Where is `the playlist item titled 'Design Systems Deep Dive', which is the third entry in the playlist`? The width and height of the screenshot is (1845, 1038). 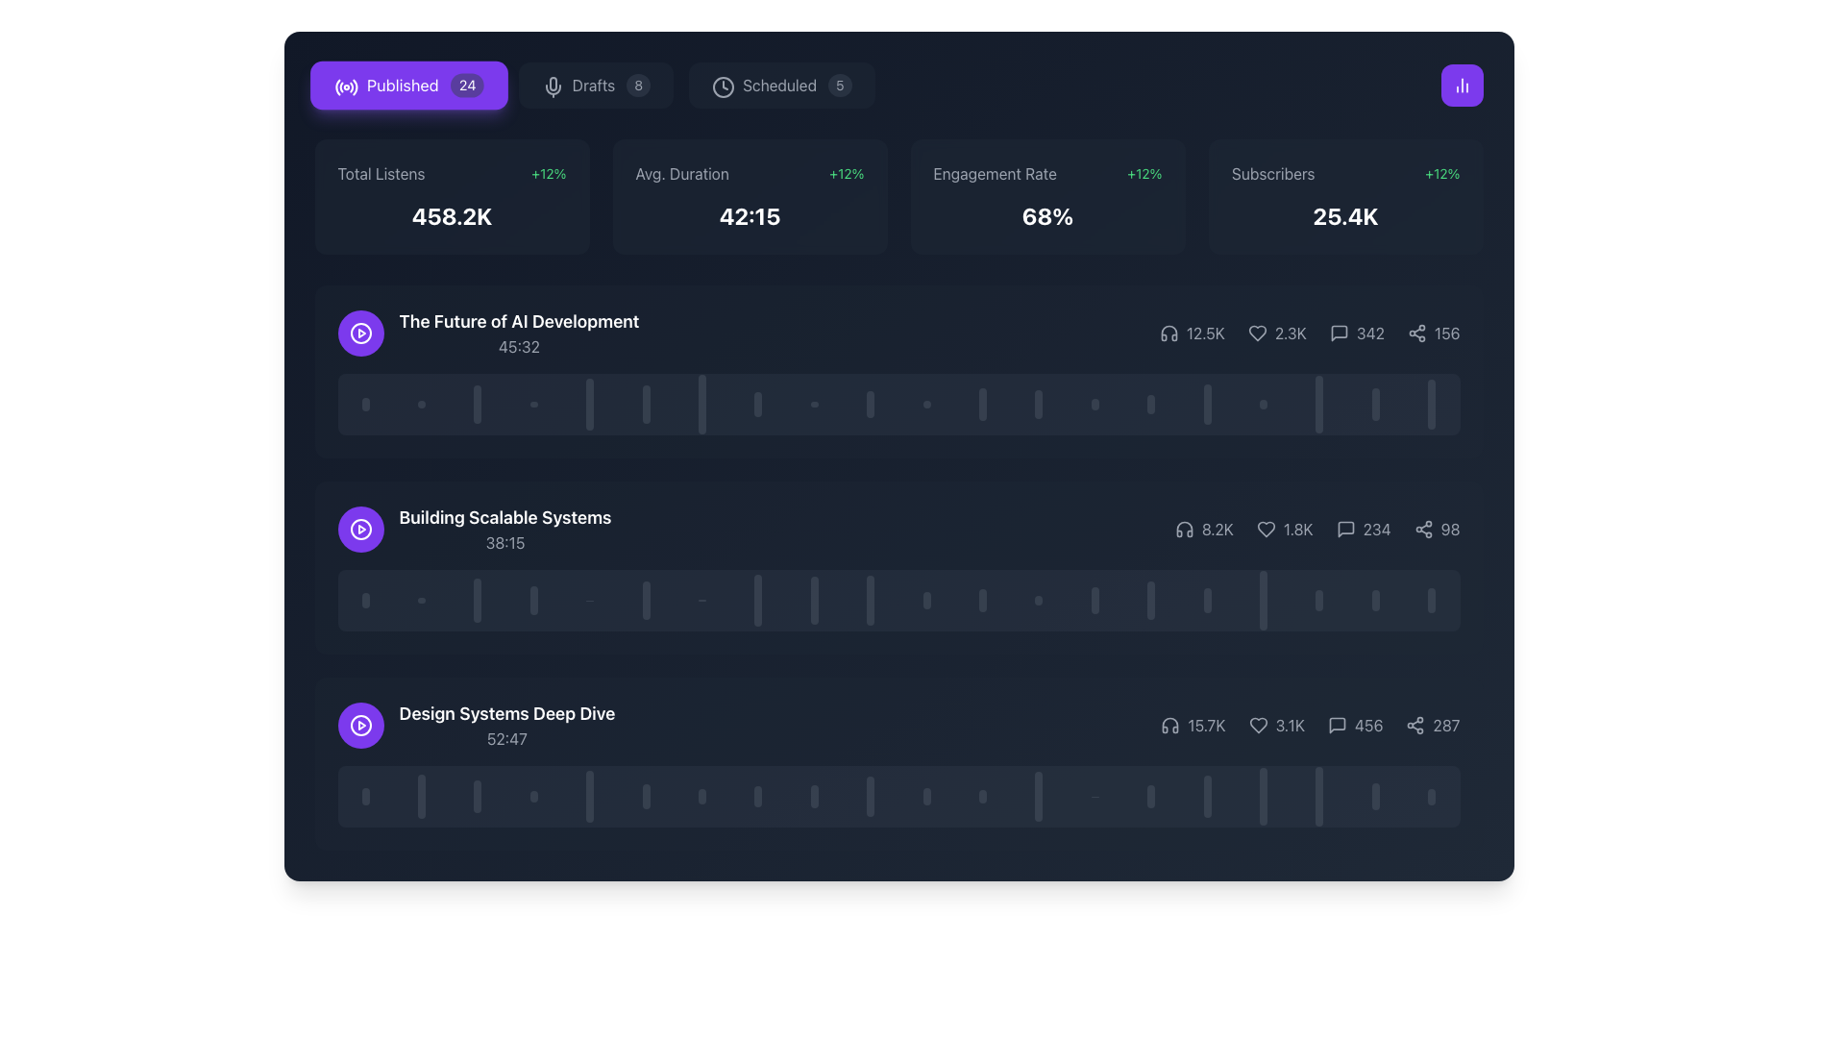 the playlist item titled 'Design Systems Deep Dive', which is the third entry in the playlist is located at coordinates (898, 726).